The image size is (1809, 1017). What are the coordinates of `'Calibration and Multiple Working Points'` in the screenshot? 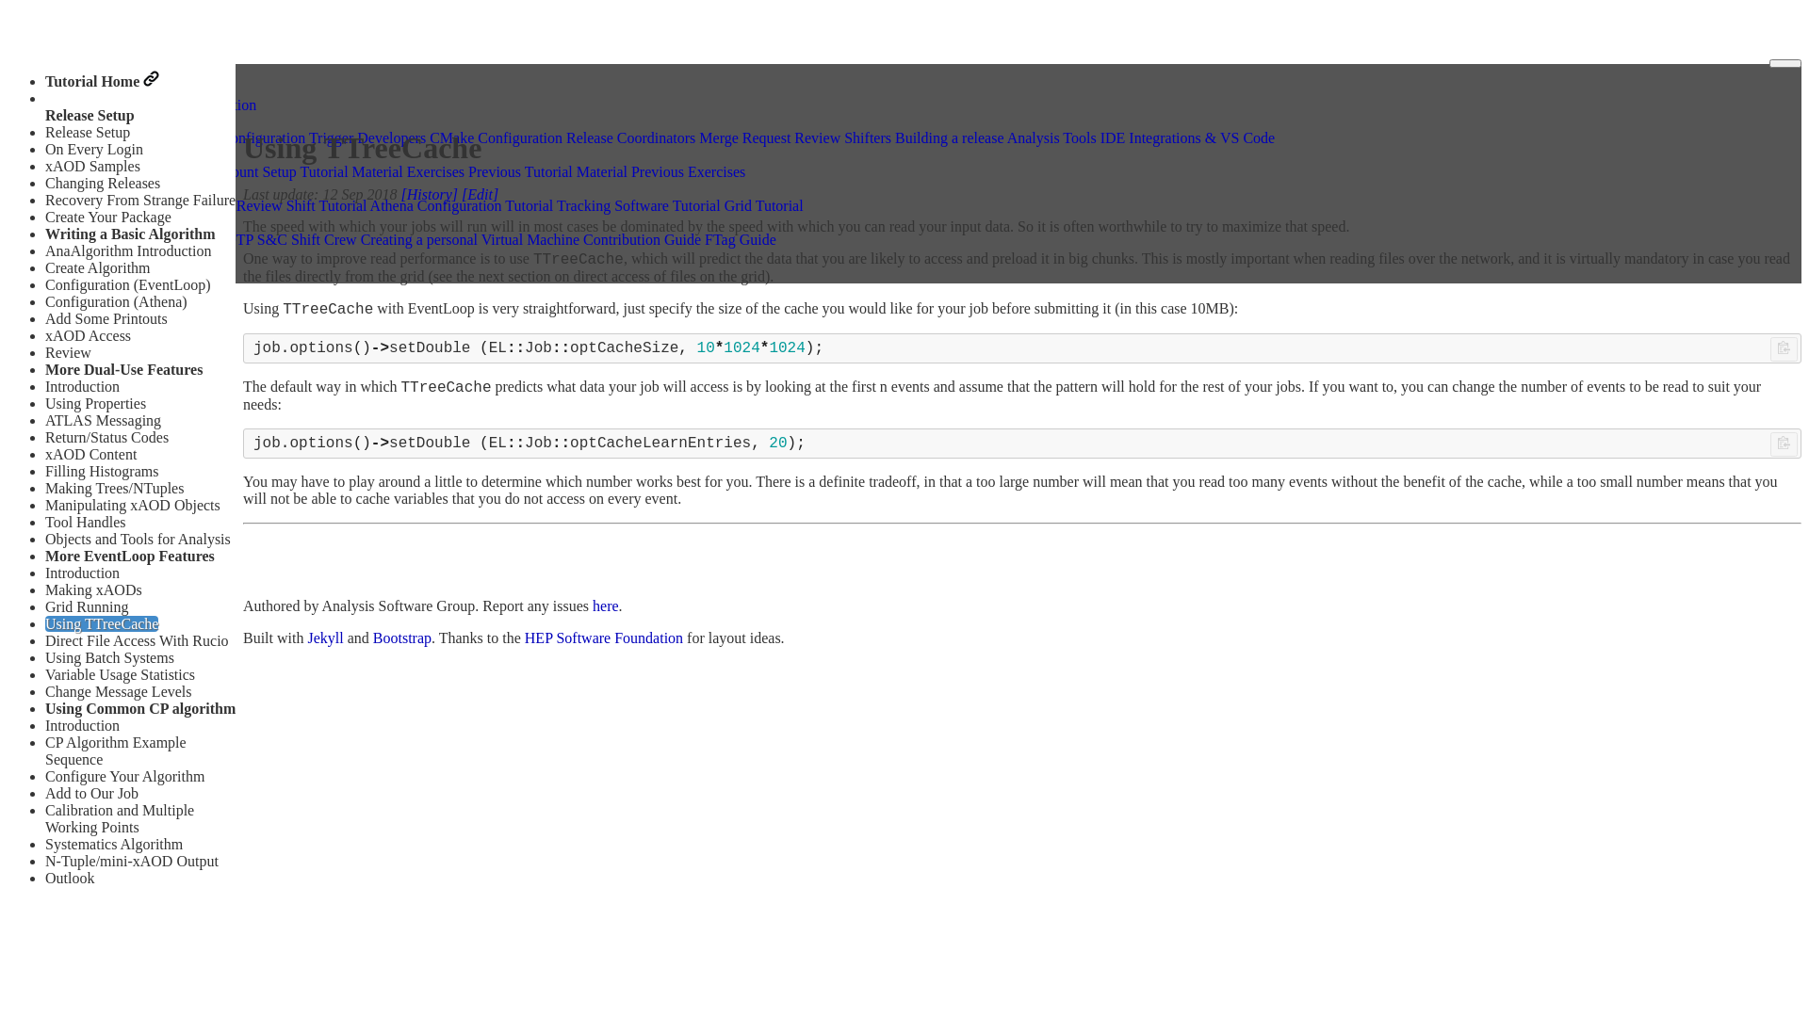 It's located at (118, 817).